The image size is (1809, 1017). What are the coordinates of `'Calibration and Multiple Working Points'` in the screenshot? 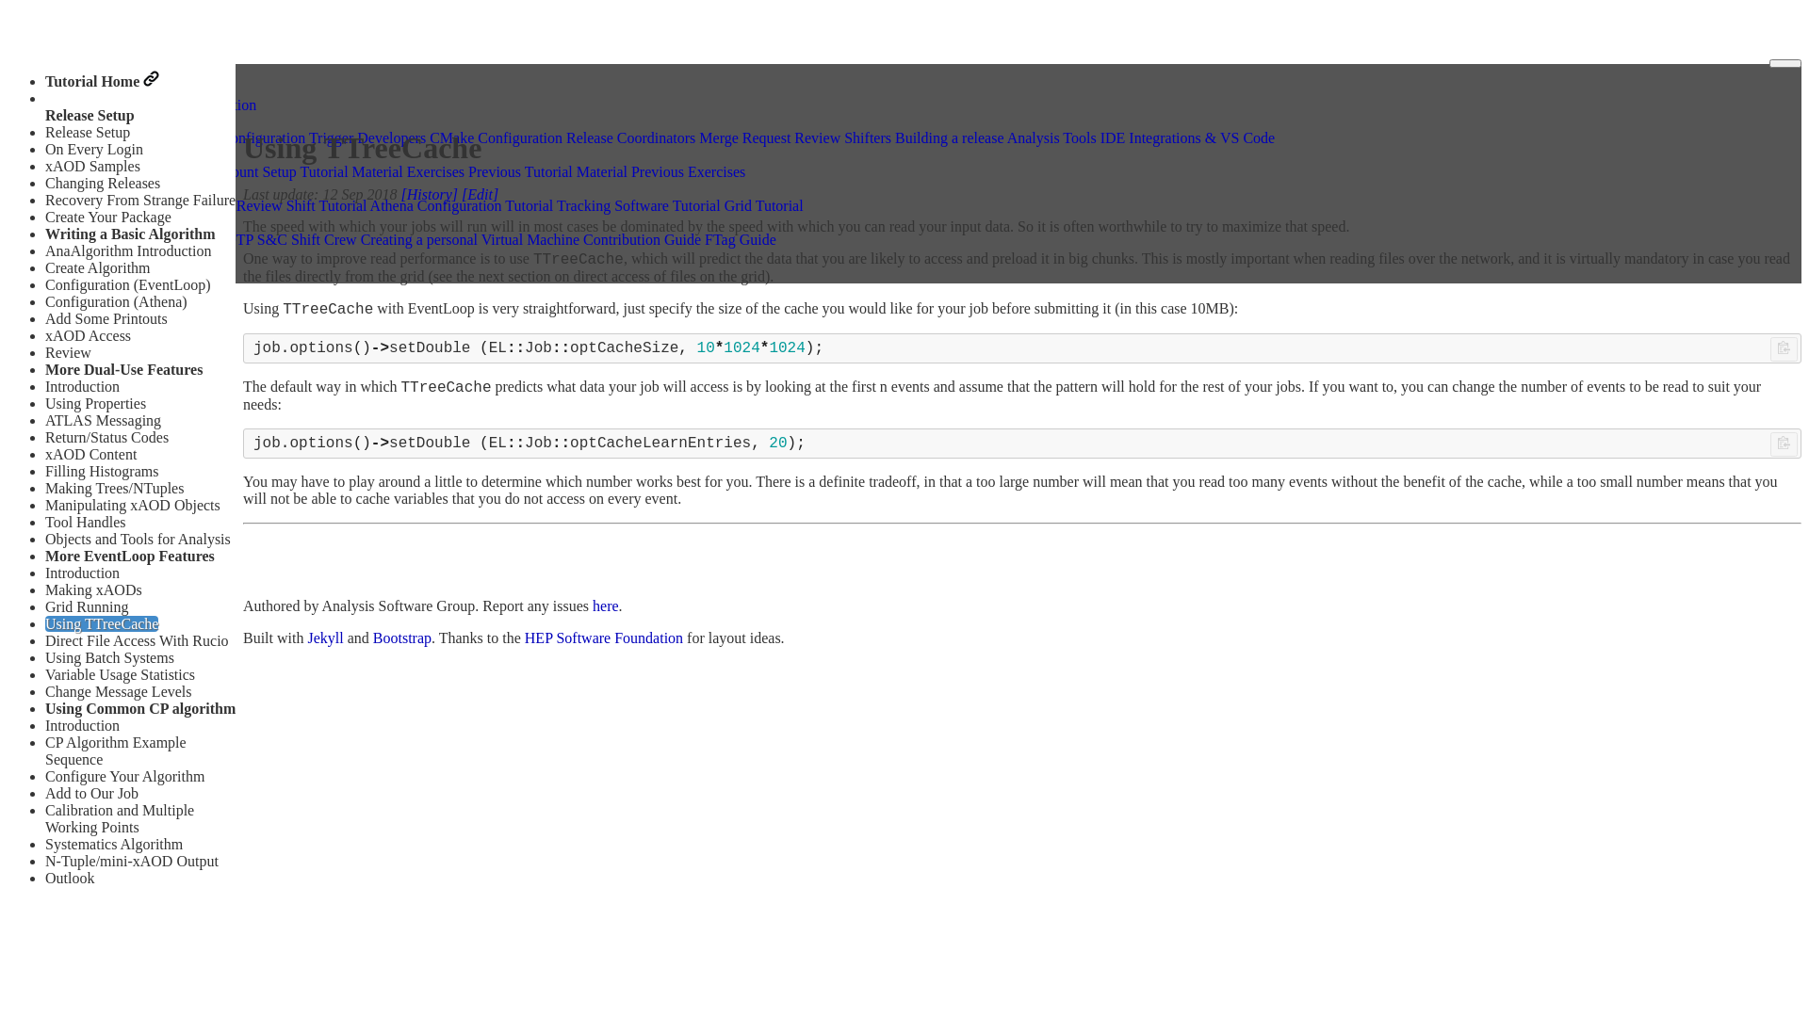 It's located at (118, 817).